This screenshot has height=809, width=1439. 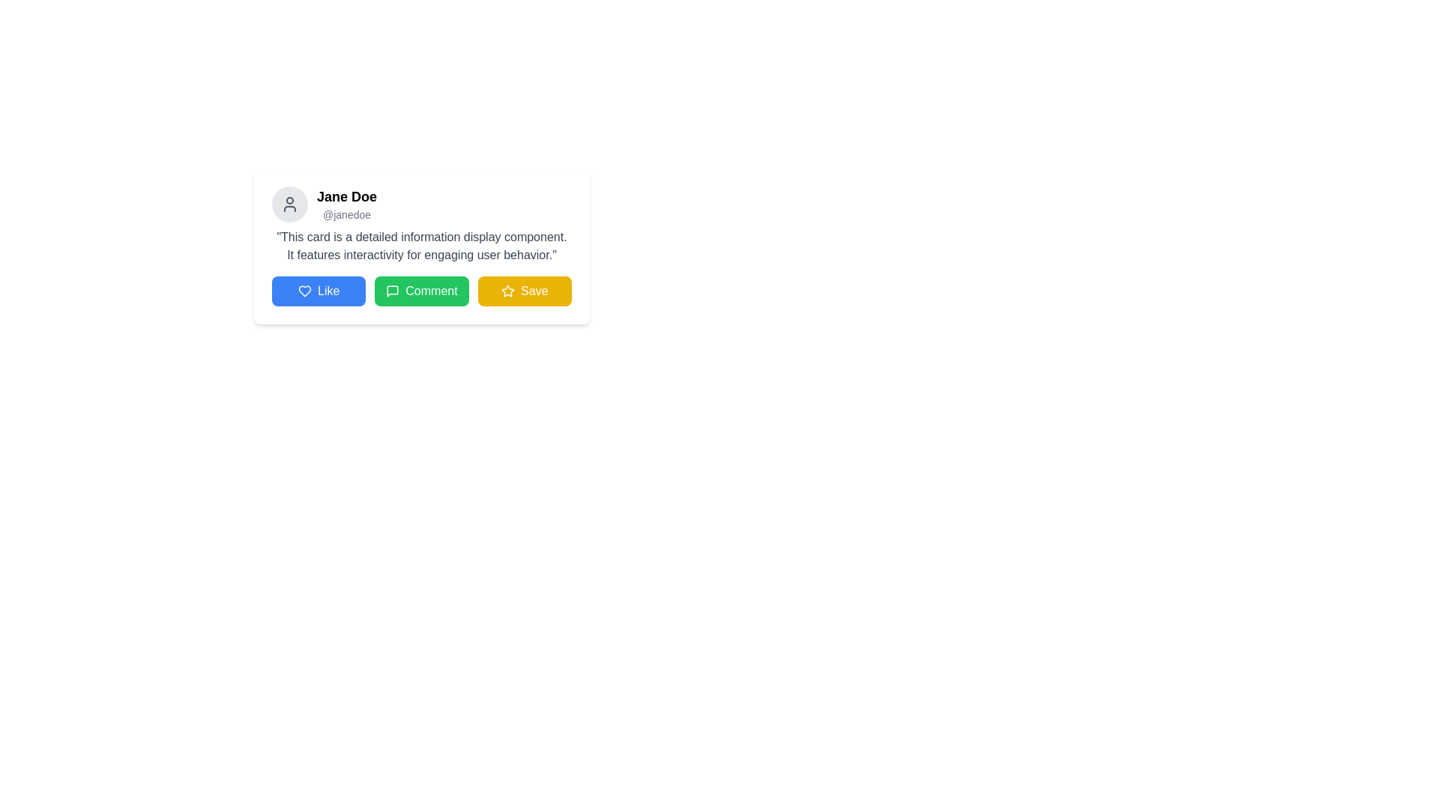 What do you see at coordinates (393, 291) in the screenshot?
I see `the green speech bubble icon located to the left of the 'Comment' text within the button component` at bounding box center [393, 291].